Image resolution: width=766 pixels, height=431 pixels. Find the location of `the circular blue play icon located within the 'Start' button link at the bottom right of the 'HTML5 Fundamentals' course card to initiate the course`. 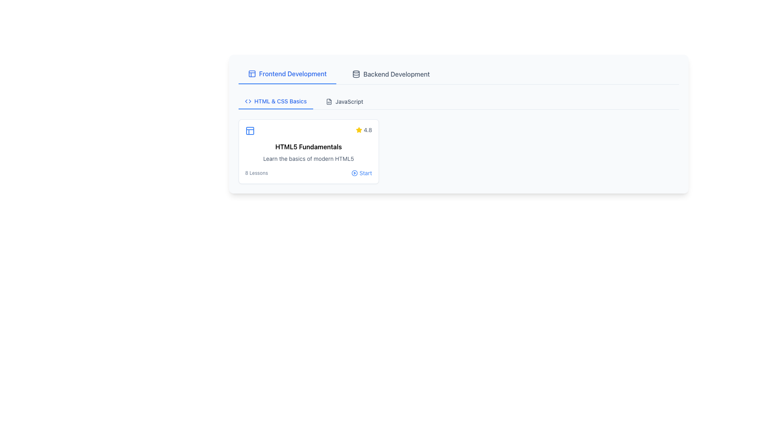

the circular blue play icon located within the 'Start' button link at the bottom right of the 'HTML5 Fundamentals' course card to initiate the course is located at coordinates (354, 173).